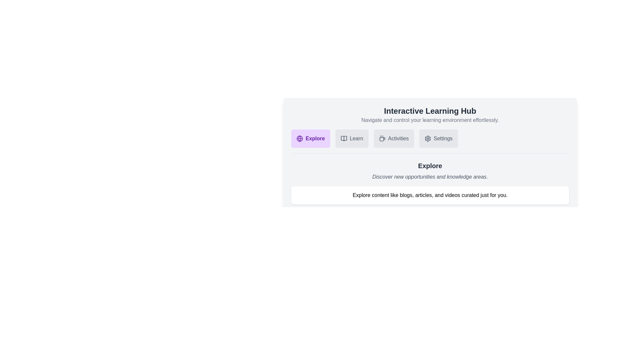  I want to click on the 'Explore' button located at the far-left of the navigation bar, so click(310, 138).